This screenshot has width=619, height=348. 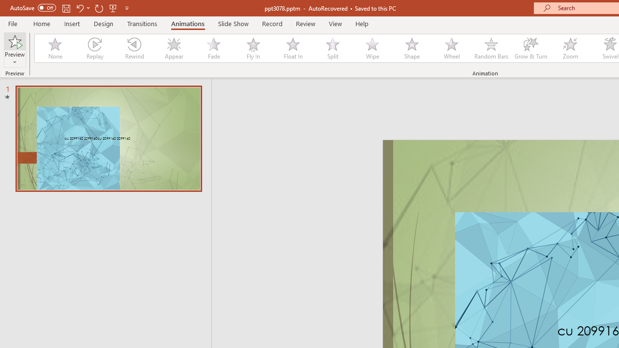 What do you see at coordinates (54, 48) in the screenshot?
I see `'None'` at bounding box center [54, 48].